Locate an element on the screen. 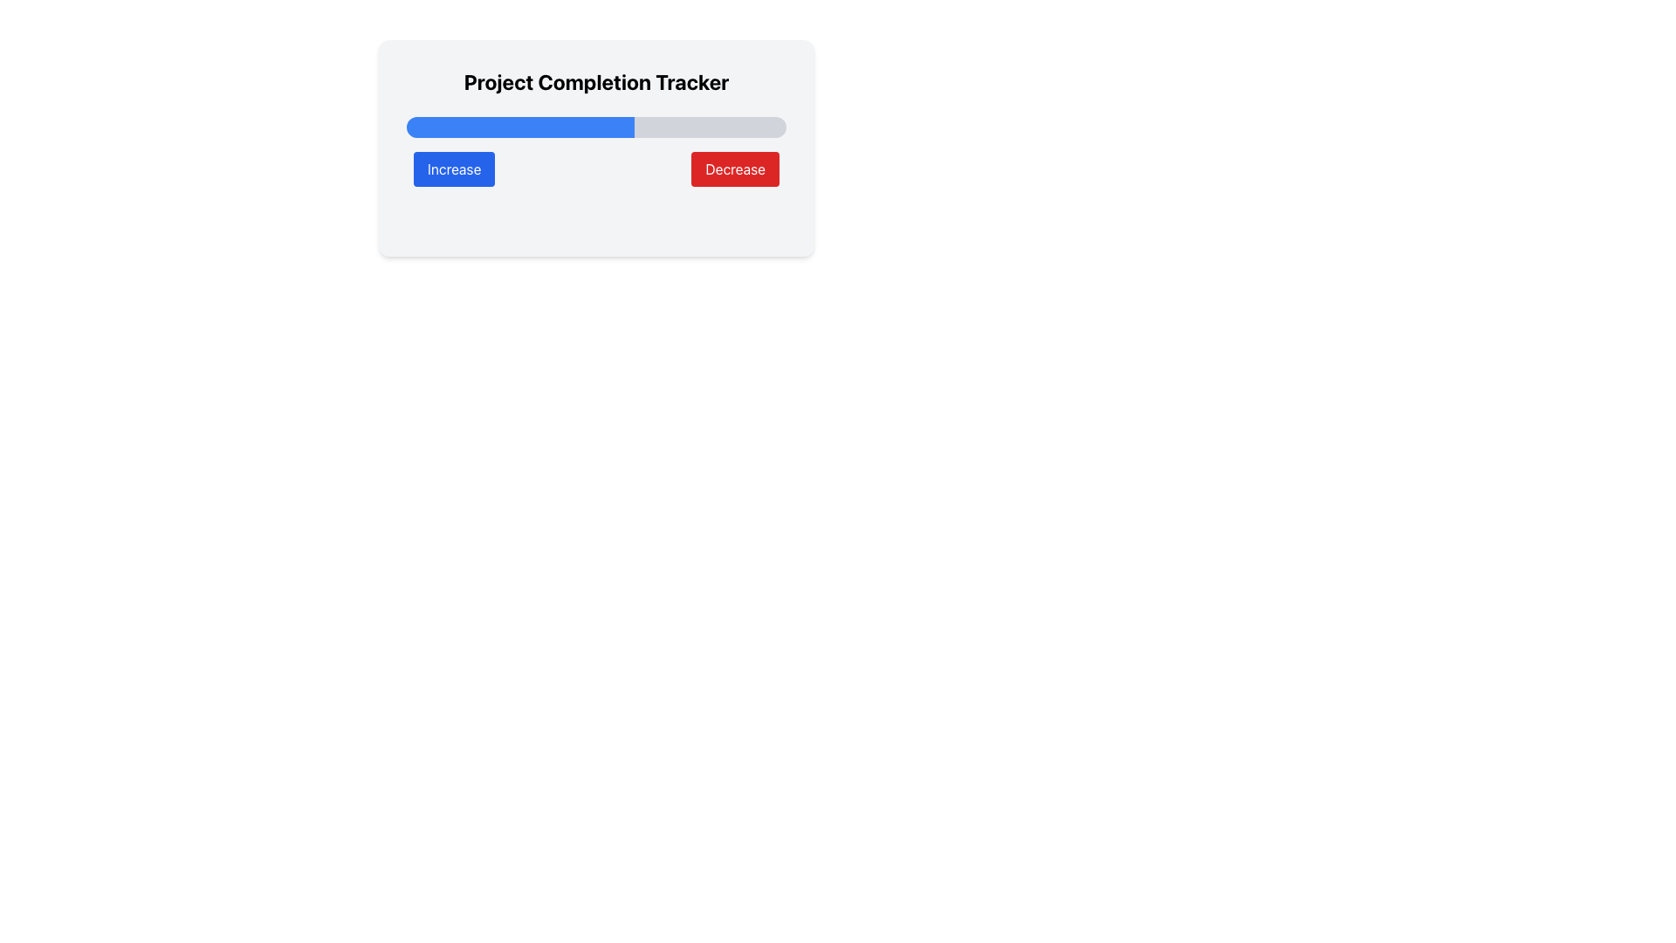  the increment button located on the left side under the progress tracker bar to observe hover effects is located at coordinates (454, 169).